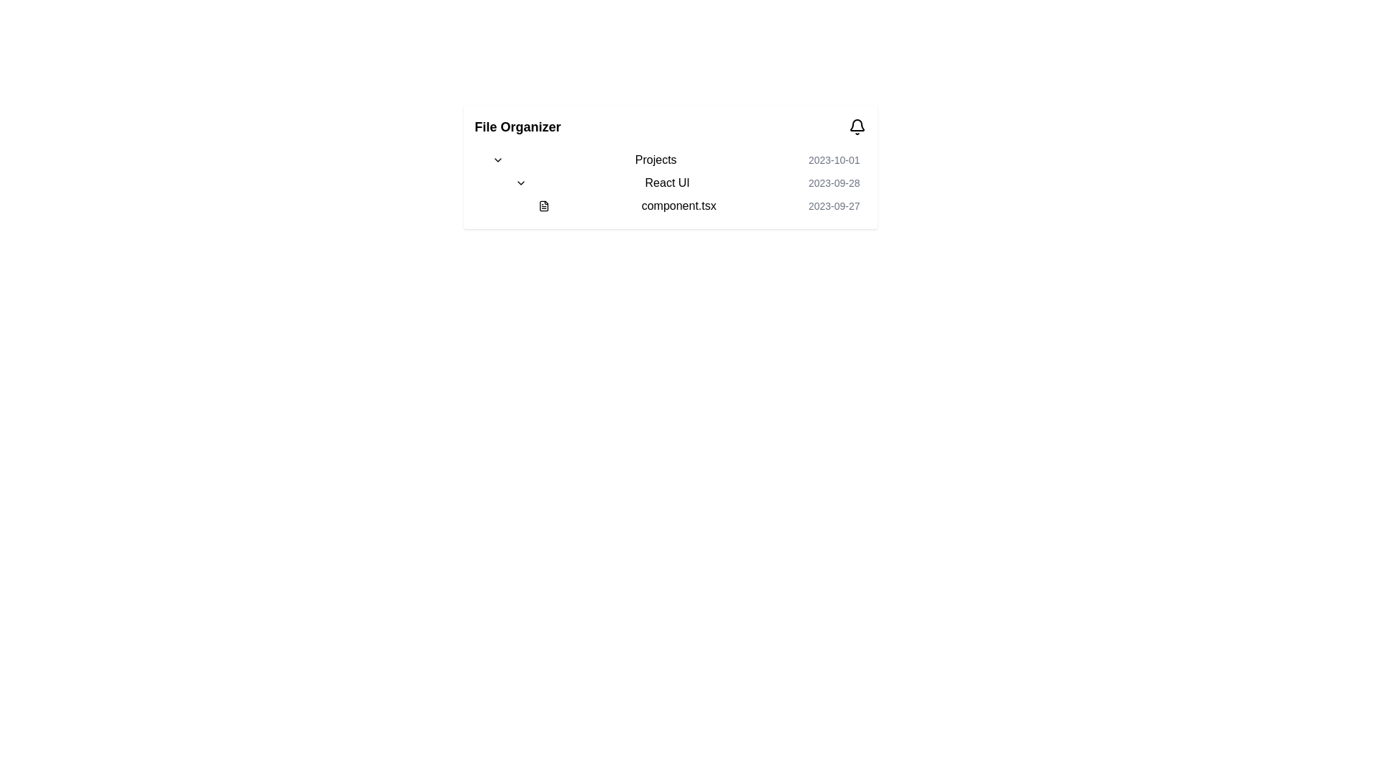 This screenshot has height=776, width=1380. I want to click on the 'React UI' text label within the file organizer interface, so click(666, 182).